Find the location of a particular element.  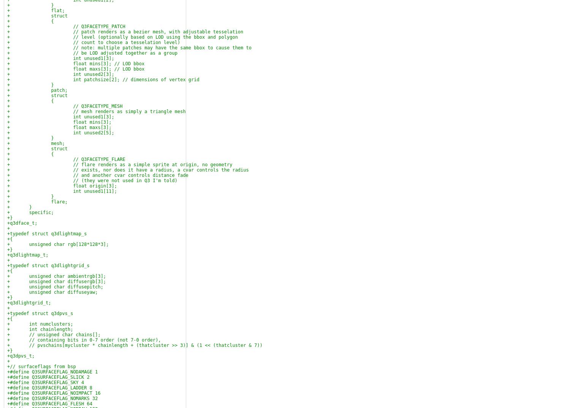

'+               patch;' is located at coordinates (36, 90).